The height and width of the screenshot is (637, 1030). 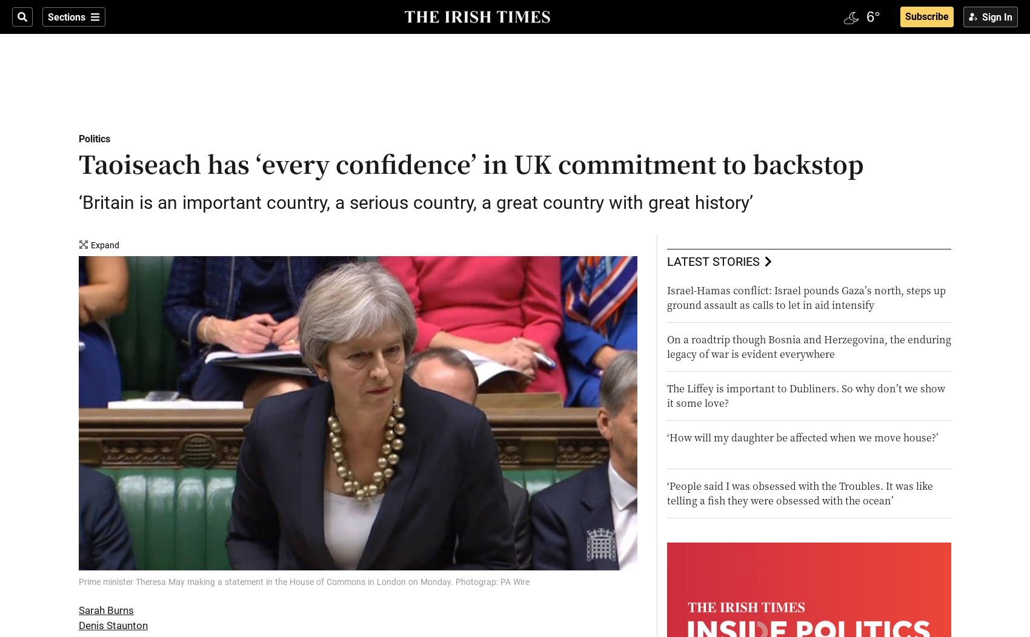 I want to click on '‘How will my daughter be affected when we move house?’', so click(x=666, y=437).